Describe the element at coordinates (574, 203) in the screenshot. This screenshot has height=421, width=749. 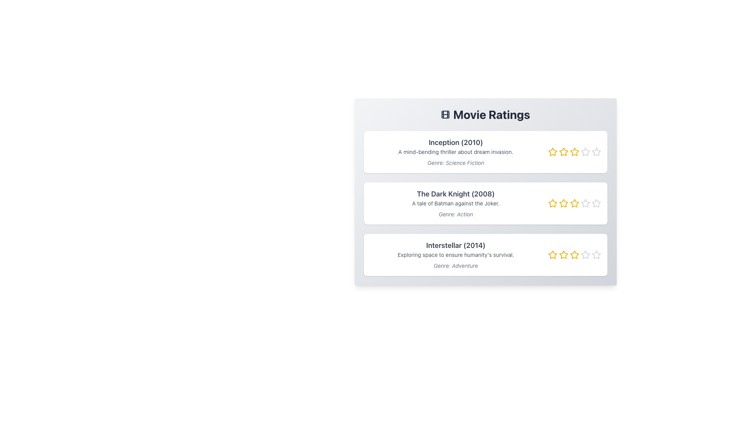
I see `the third yellow star icon in the rating bar for 'The Dark Knight (2008)'` at that location.